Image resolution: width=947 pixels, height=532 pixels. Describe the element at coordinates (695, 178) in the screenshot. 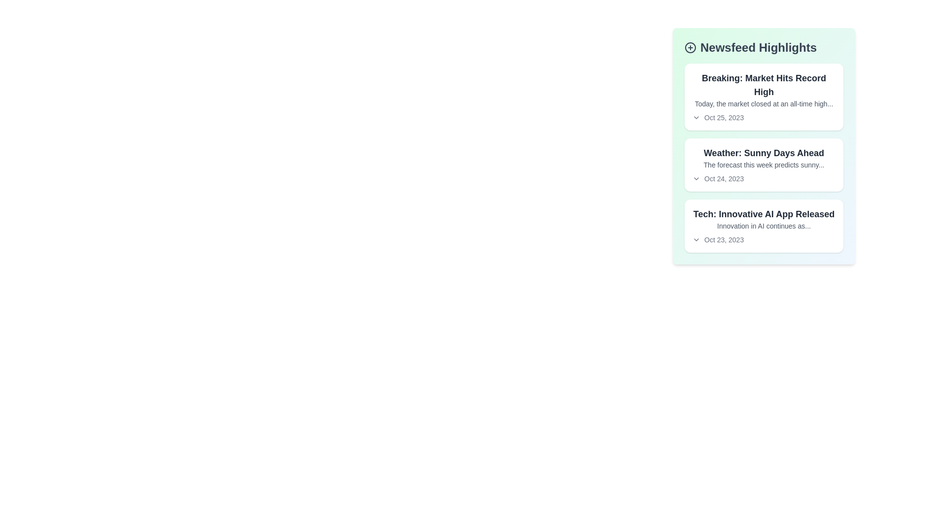

I see `the arrow icon to toggle the details of the article titled 'Weather: Sunny Days Ahead'` at that location.